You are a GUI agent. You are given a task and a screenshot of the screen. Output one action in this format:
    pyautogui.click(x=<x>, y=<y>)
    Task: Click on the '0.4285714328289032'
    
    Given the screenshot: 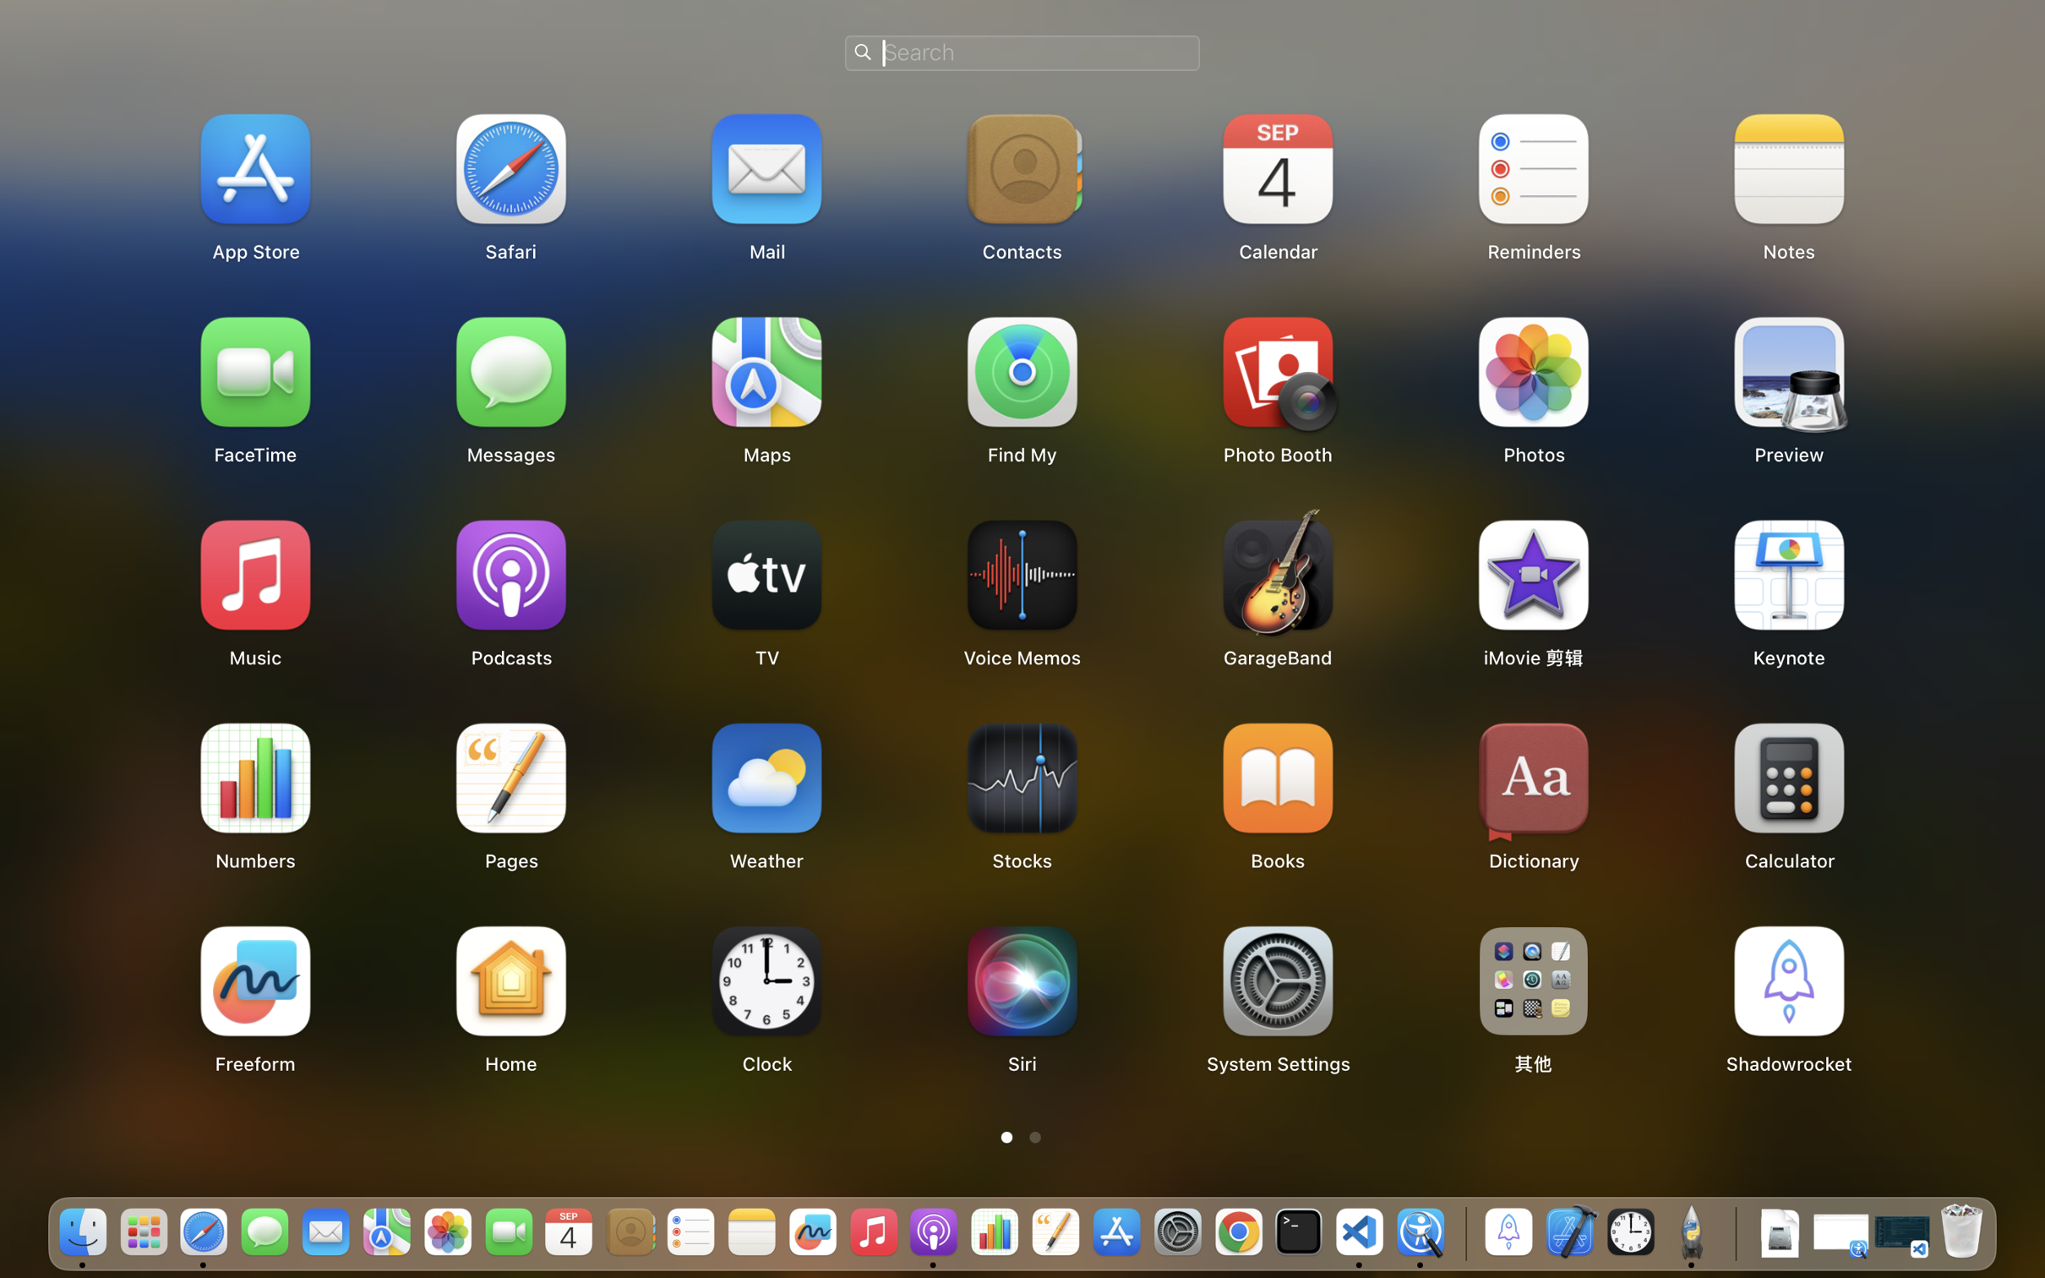 What is the action you would take?
    pyautogui.click(x=1462, y=1232)
    